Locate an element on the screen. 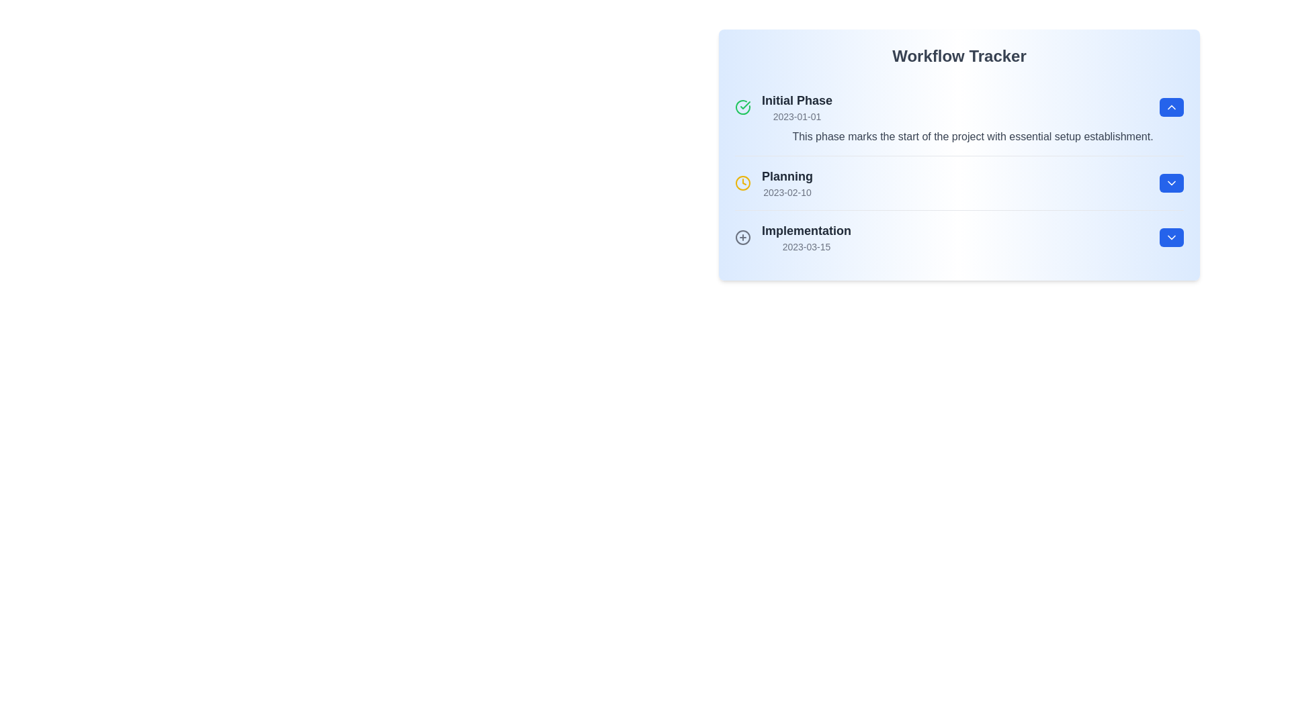 This screenshot has height=725, width=1290. the dropdown toggle icon located near the bottom right corner of the 'Implementation' card in the 'Workflow Tracker' panel is located at coordinates (1170, 237).